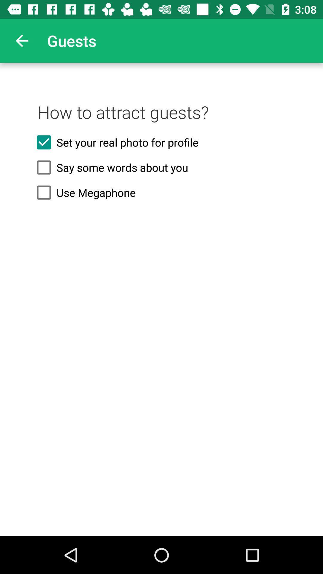 This screenshot has width=323, height=574. Describe the element at coordinates (161, 142) in the screenshot. I see `item below how to attract item` at that location.